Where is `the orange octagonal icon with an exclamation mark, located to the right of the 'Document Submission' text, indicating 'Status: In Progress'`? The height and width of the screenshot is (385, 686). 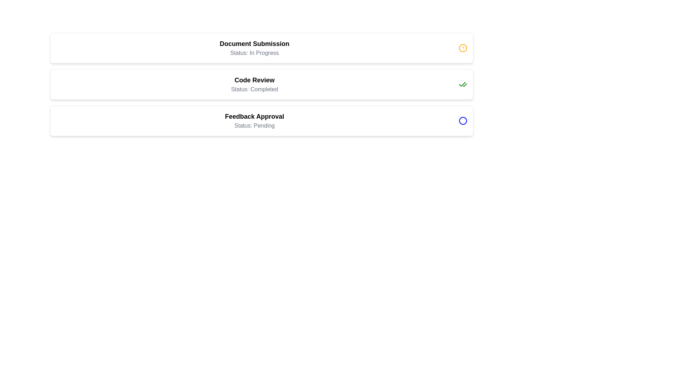
the orange octagonal icon with an exclamation mark, located to the right of the 'Document Submission' text, indicating 'Status: In Progress' is located at coordinates (463, 48).